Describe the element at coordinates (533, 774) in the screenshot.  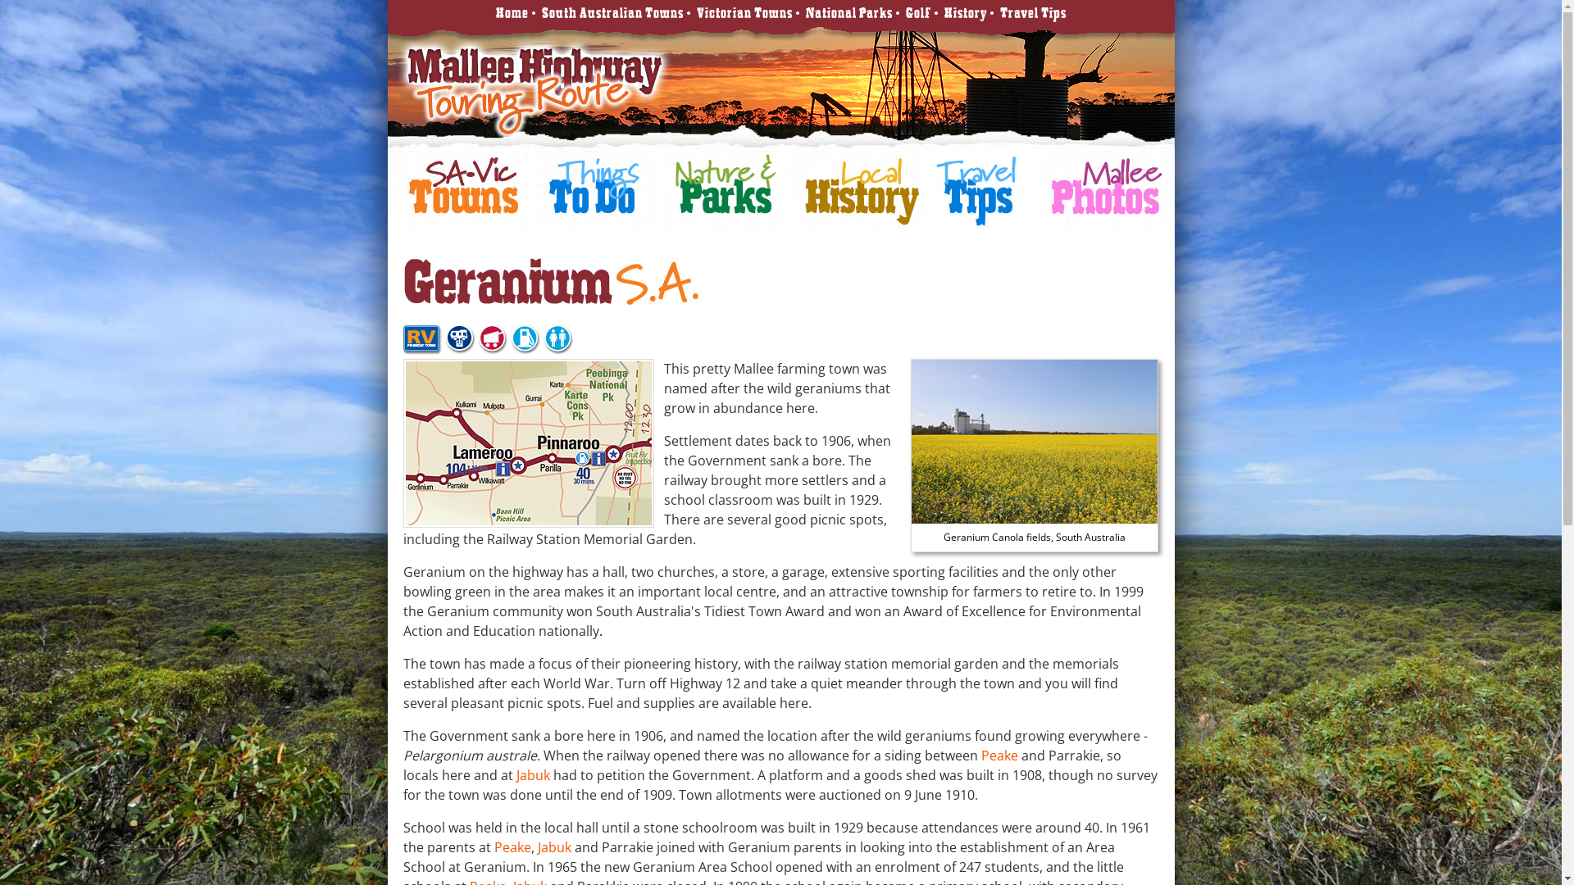
I see `'Jabuk'` at that location.